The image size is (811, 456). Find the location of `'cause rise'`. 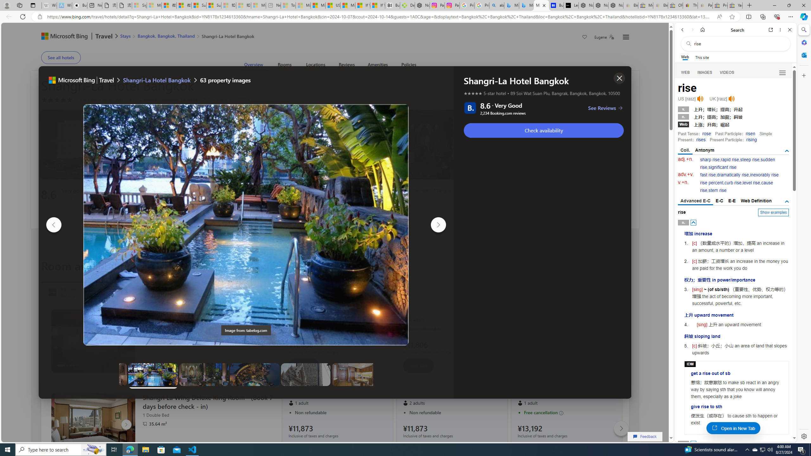

'cause rise' is located at coordinates (736, 187).